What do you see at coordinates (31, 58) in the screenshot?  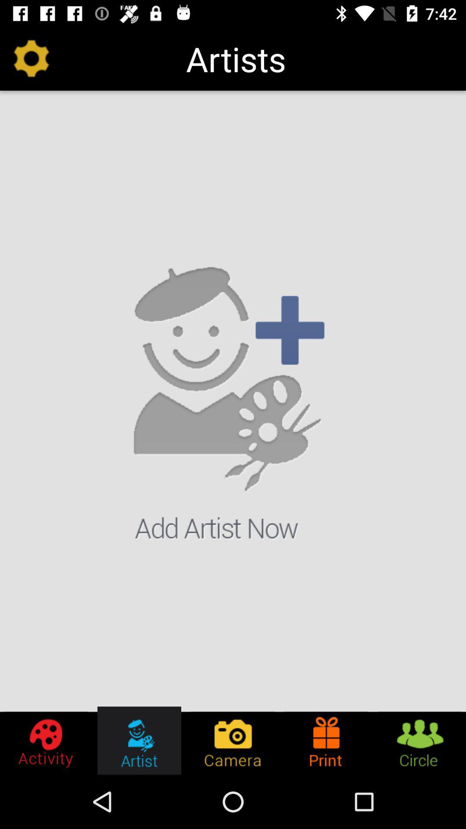 I see `the item at the top left corner` at bounding box center [31, 58].